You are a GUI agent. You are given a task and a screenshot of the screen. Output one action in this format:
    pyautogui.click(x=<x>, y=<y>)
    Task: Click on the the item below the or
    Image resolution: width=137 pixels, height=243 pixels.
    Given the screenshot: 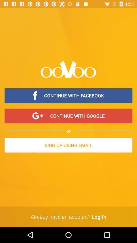 What is the action you would take?
    pyautogui.click(x=68, y=146)
    